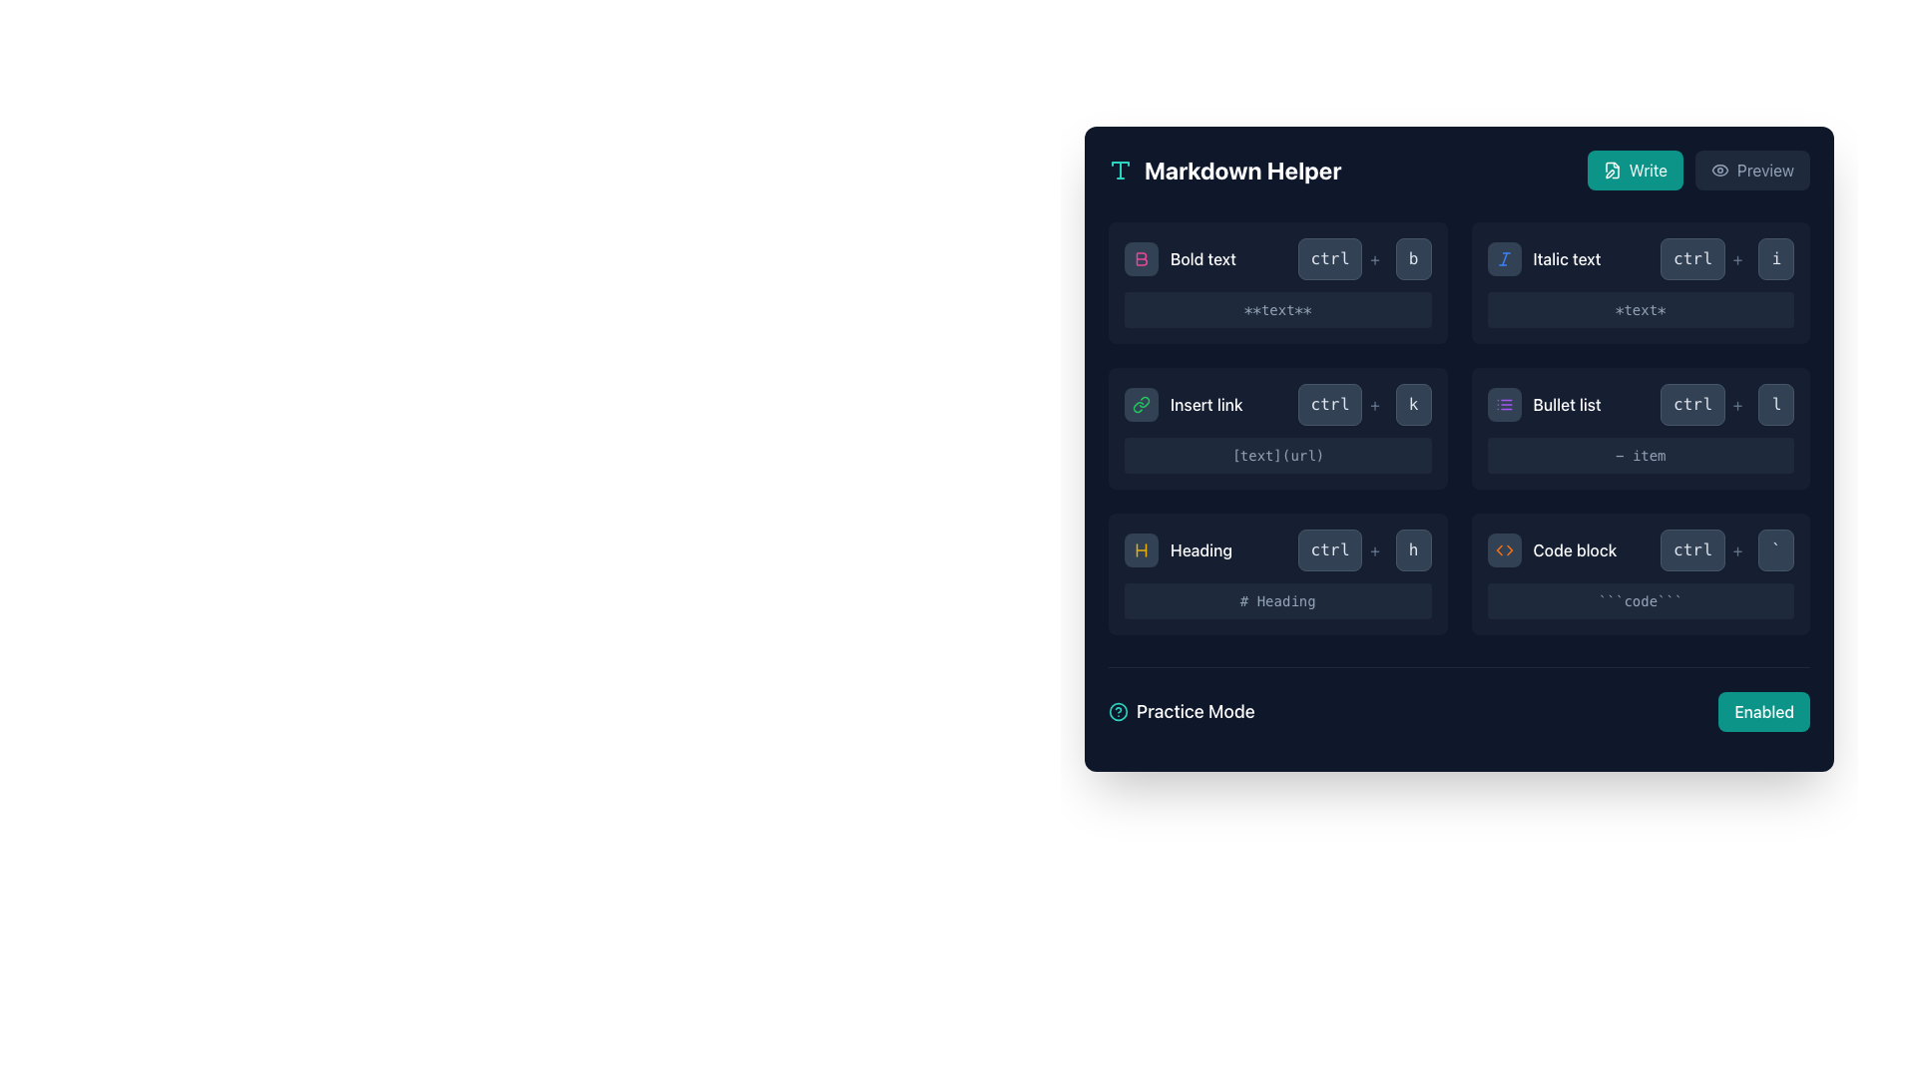  I want to click on the button labeled 'ctrl', which is a dark slate gray rectangular component with rounded corners, located in the 'Insert link' row near the top right corner of the highlighted card, so click(1329, 404).